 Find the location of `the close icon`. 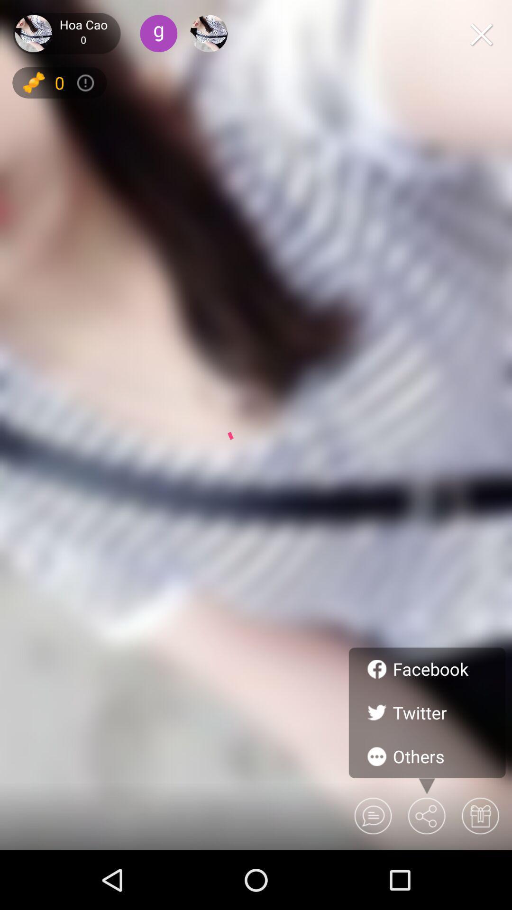

the close icon is located at coordinates (481, 34).